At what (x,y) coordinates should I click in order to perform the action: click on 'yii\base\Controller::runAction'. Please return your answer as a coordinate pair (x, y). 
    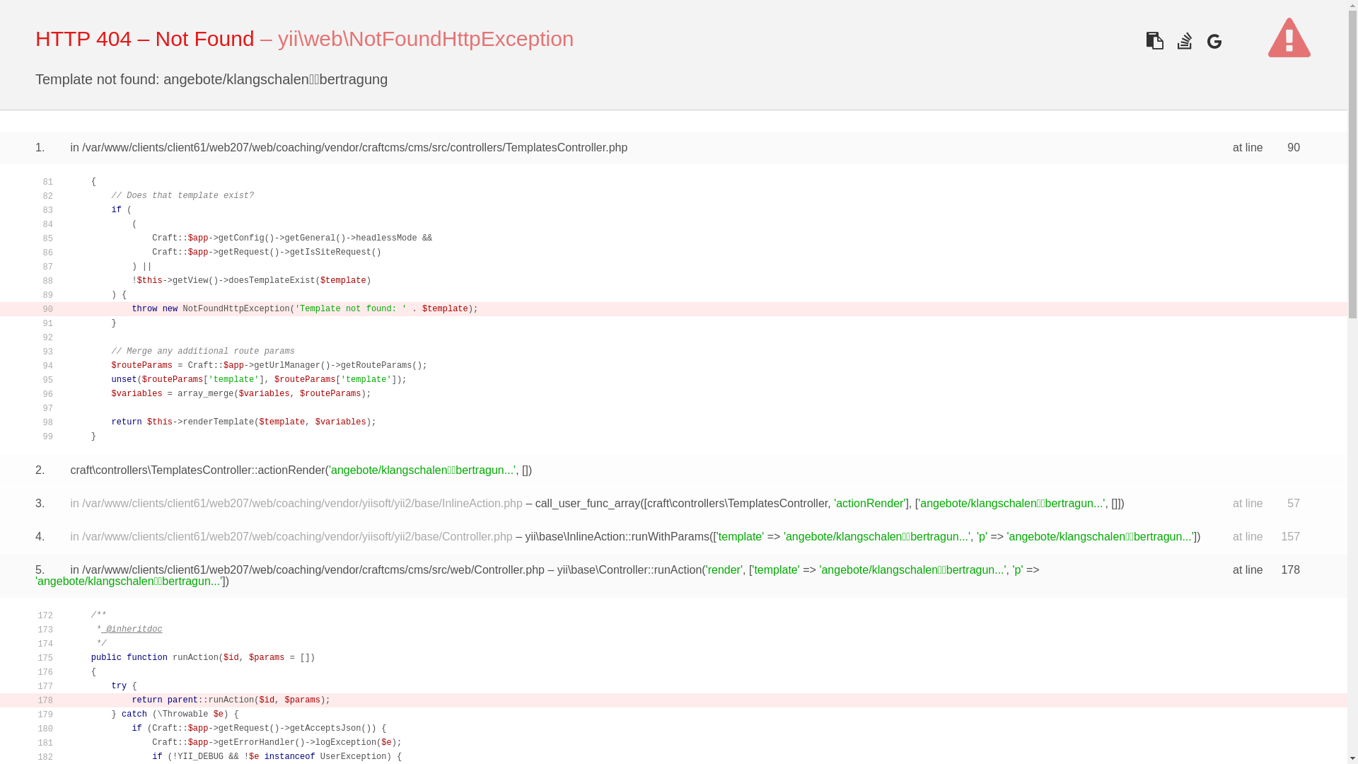
    Looking at the image, I should click on (629, 569).